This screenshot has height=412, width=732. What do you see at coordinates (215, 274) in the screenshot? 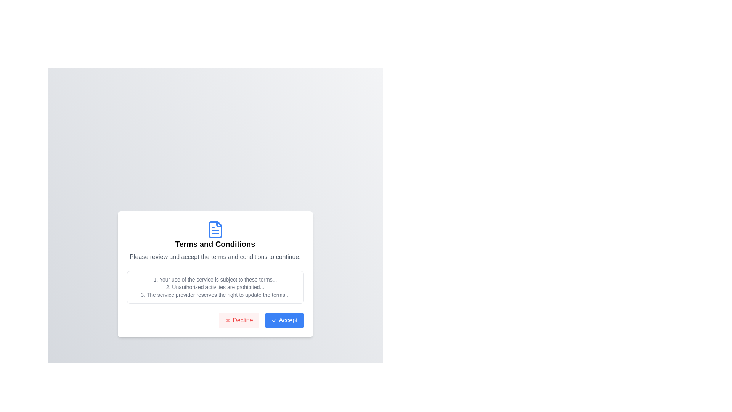
I see `terms displayed inside the terms and conditions modal dialog box, which is centrally placed and the only large modal in view` at bounding box center [215, 274].